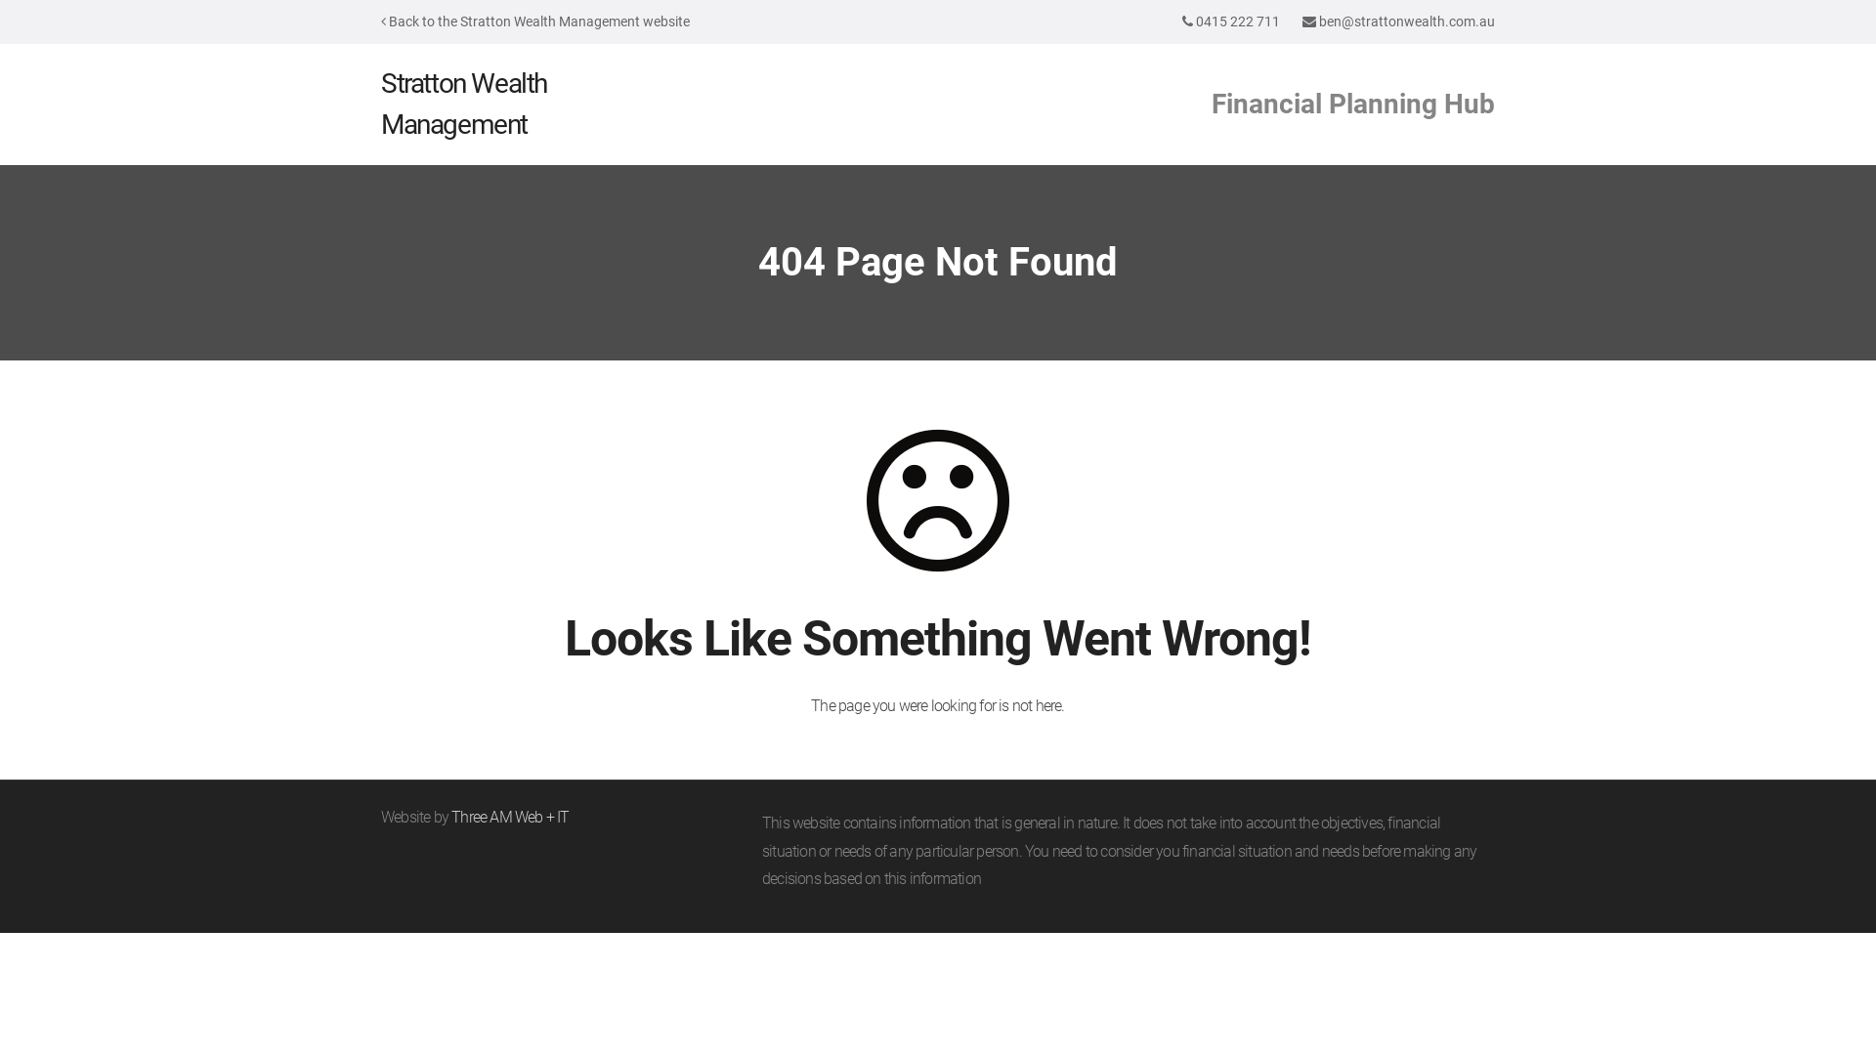 This screenshot has width=1876, height=1055. Describe the element at coordinates (510, 817) in the screenshot. I see `'Three AM Web + IT'` at that location.